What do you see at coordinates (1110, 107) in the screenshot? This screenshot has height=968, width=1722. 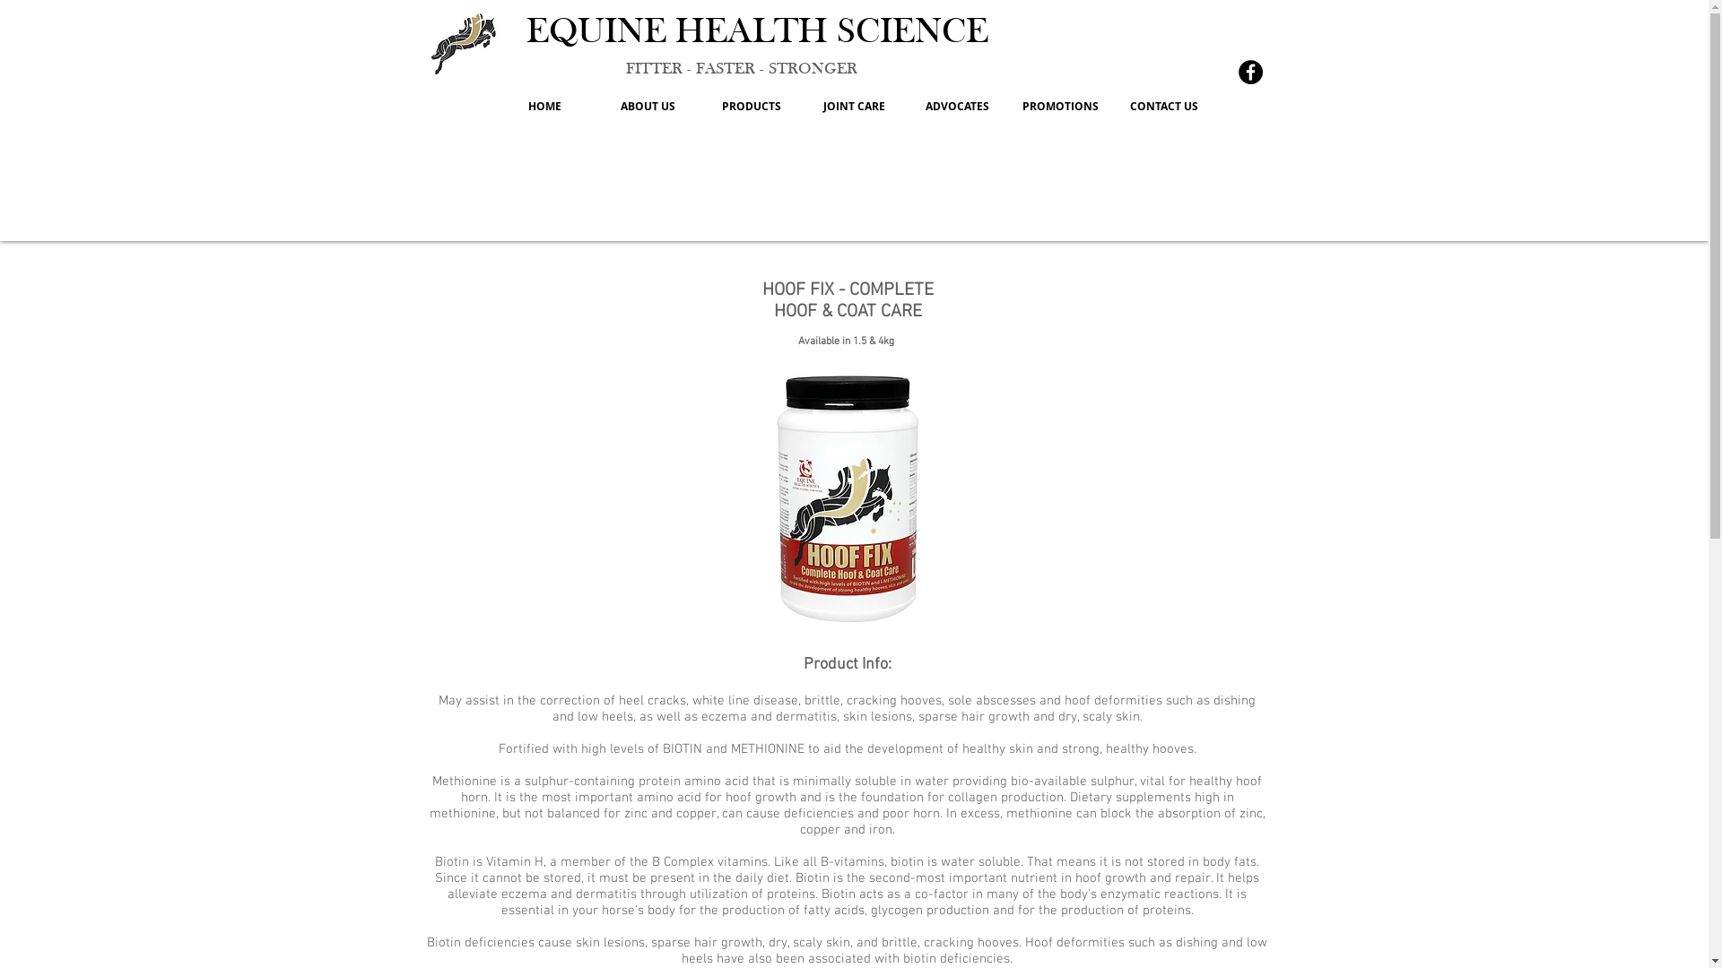 I see `'CONTACT US'` at bounding box center [1110, 107].